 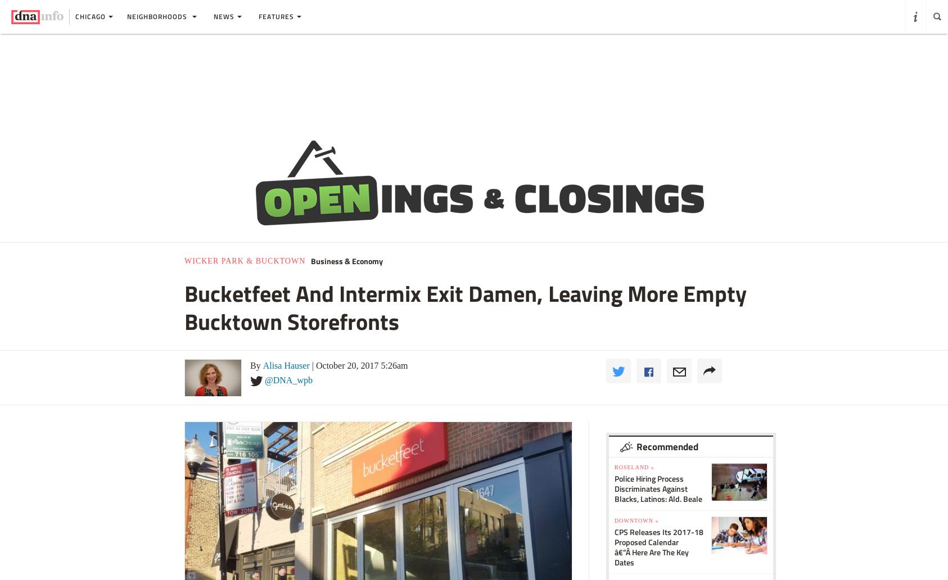 What do you see at coordinates (256, 364) in the screenshot?
I see `'By'` at bounding box center [256, 364].